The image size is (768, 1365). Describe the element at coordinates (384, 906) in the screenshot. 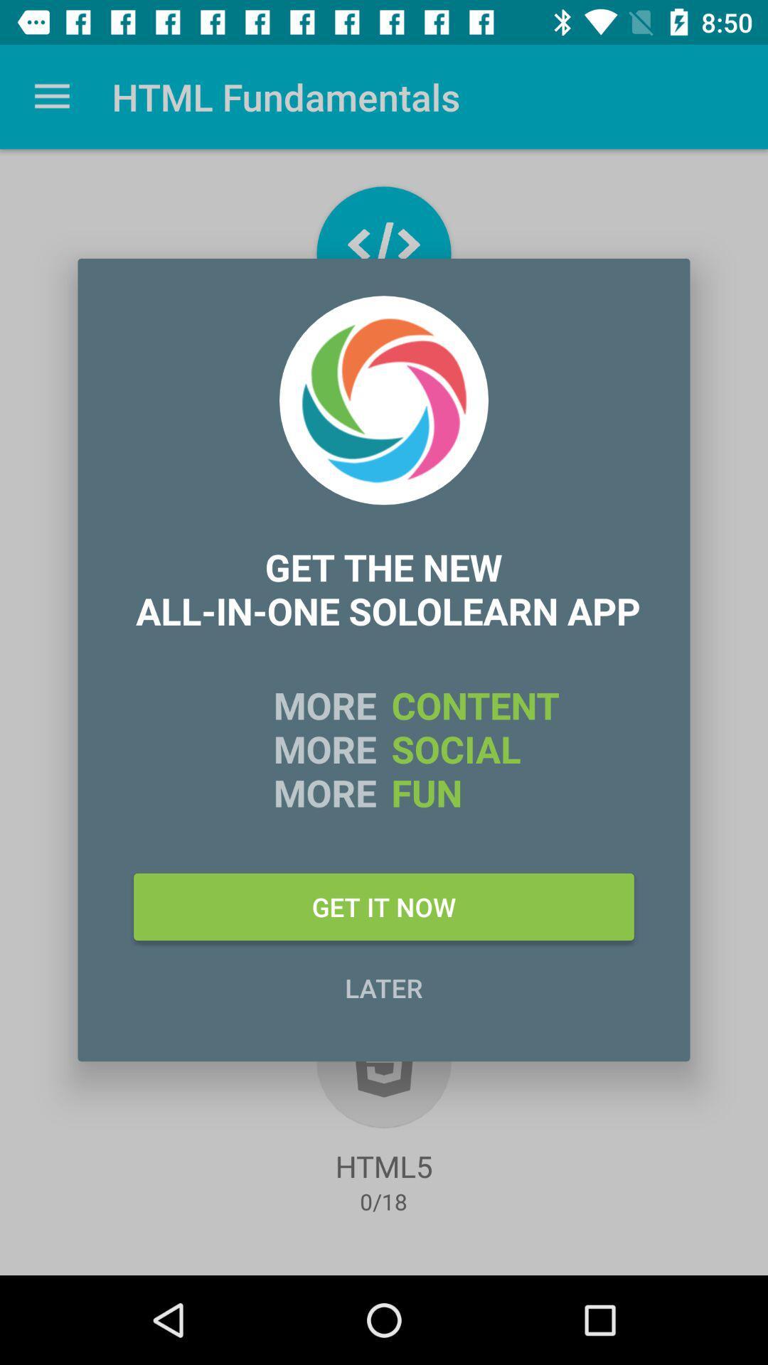

I see `the item above later` at that location.